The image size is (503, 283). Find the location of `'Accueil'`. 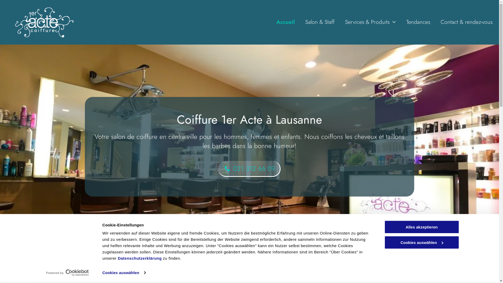

'Accueil' is located at coordinates (285, 22).